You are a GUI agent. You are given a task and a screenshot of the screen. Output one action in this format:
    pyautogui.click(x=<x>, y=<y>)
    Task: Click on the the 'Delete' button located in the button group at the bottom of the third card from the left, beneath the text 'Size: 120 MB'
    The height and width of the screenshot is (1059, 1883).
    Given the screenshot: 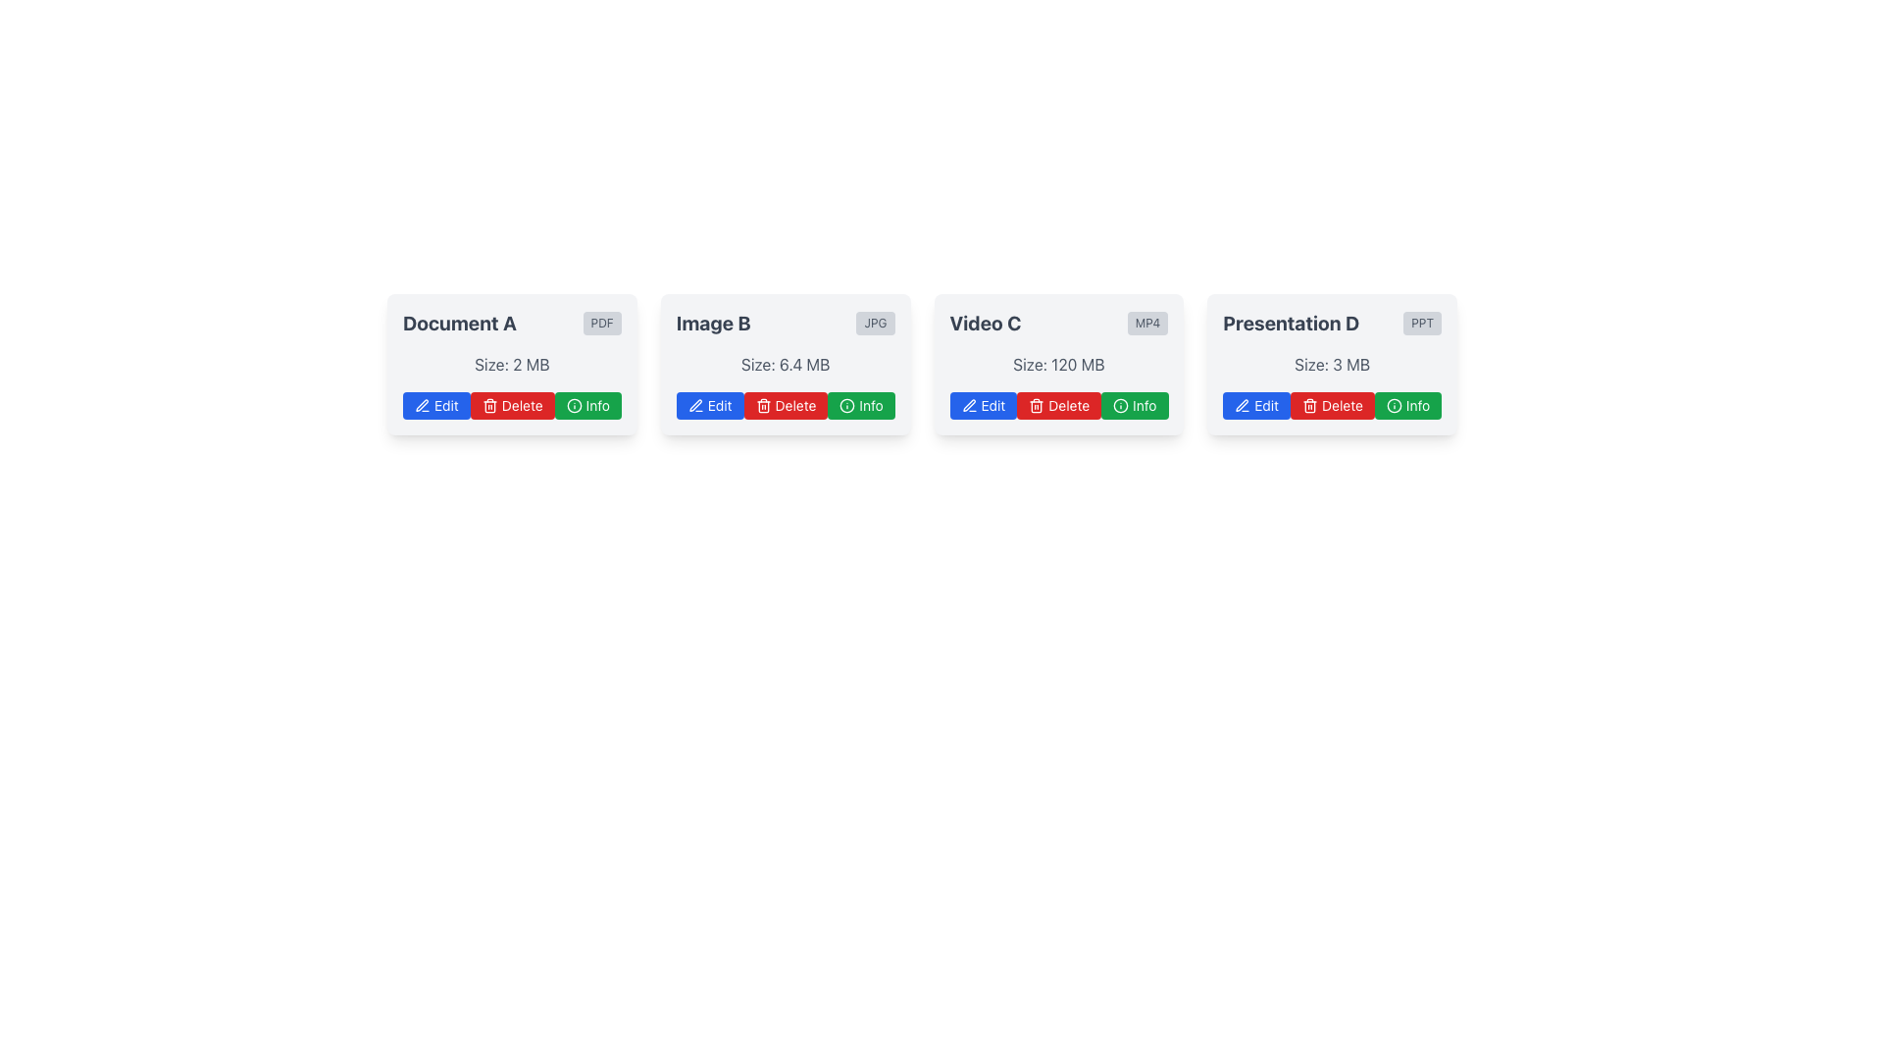 What is the action you would take?
    pyautogui.click(x=1057, y=404)
    